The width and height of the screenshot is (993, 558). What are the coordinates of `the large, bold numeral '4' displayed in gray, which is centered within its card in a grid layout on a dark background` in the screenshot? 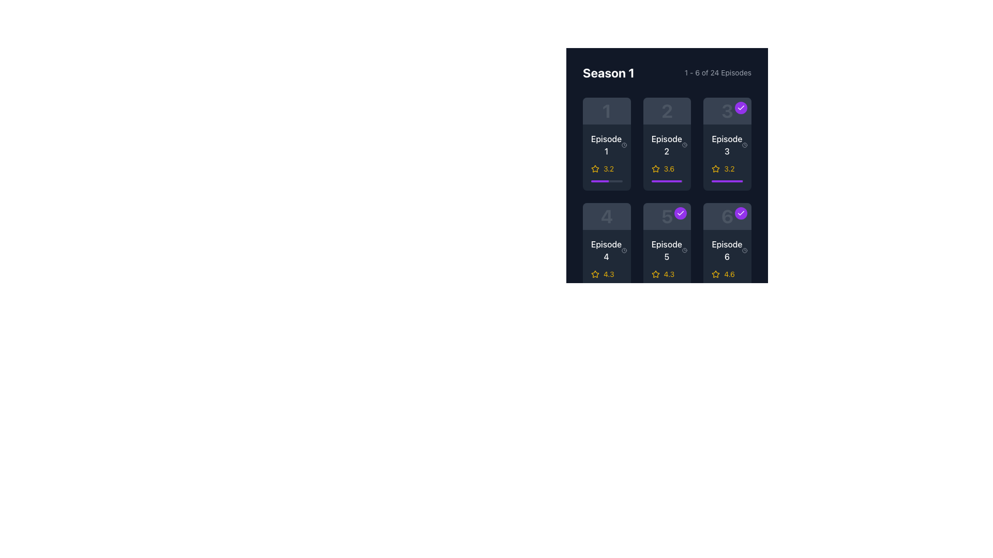 It's located at (607, 216).